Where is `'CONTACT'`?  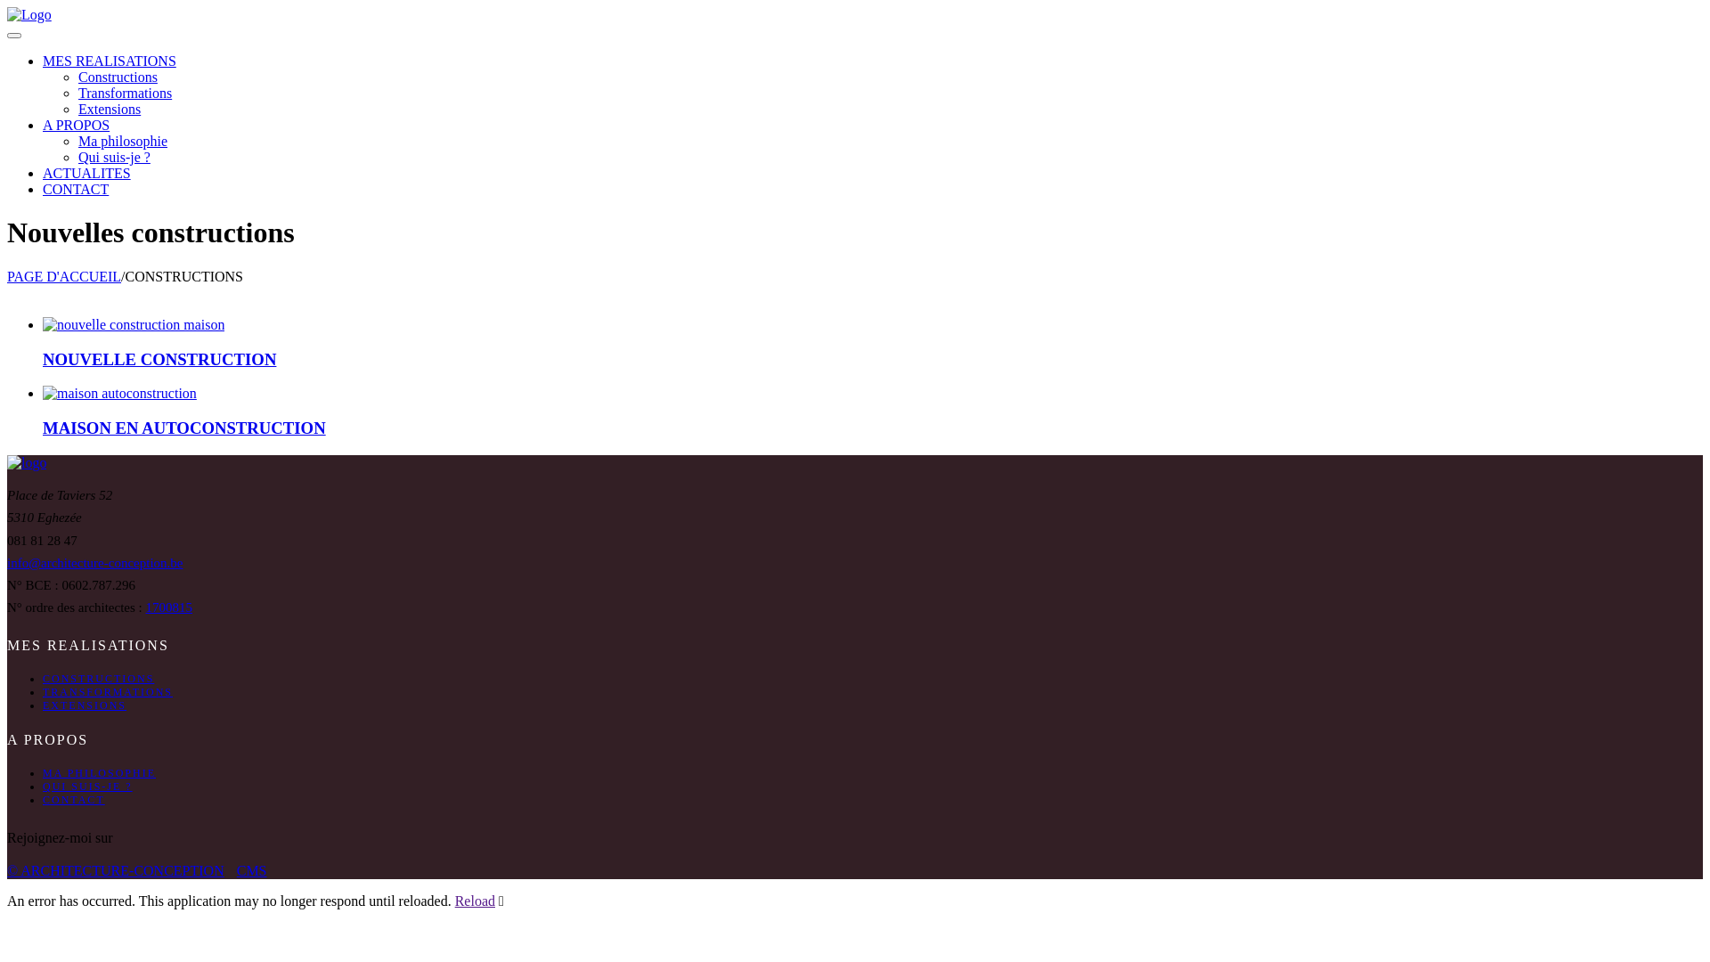
'CONTACT' is located at coordinates (72, 799).